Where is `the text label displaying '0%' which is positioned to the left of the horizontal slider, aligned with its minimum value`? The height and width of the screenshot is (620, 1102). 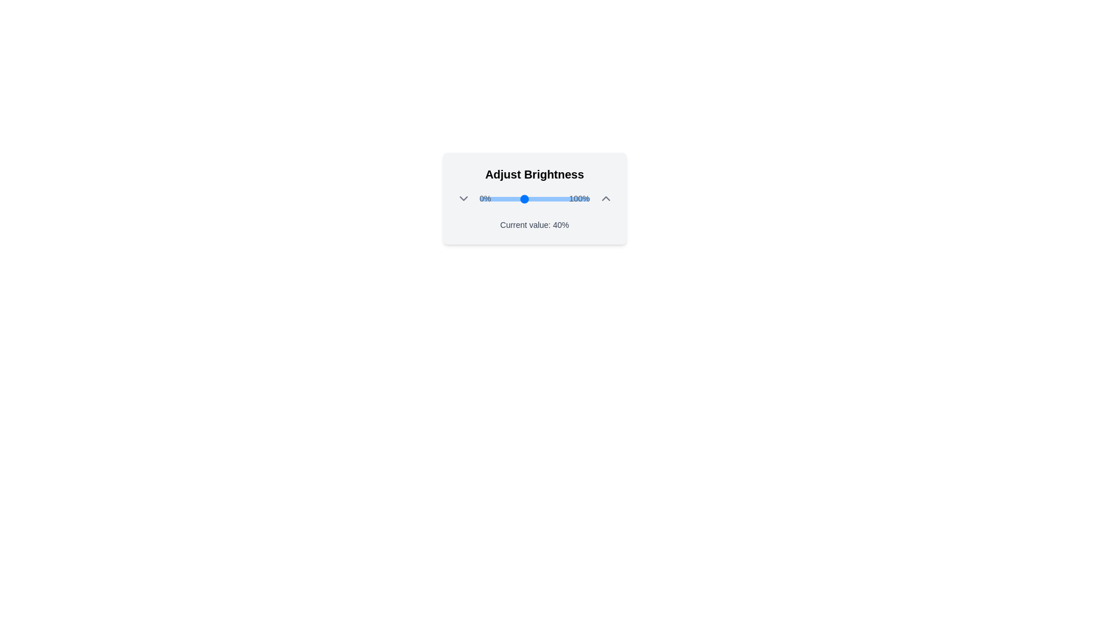
the text label displaying '0%' which is positioned to the left of the horizontal slider, aligned with its minimum value is located at coordinates (485, 198).